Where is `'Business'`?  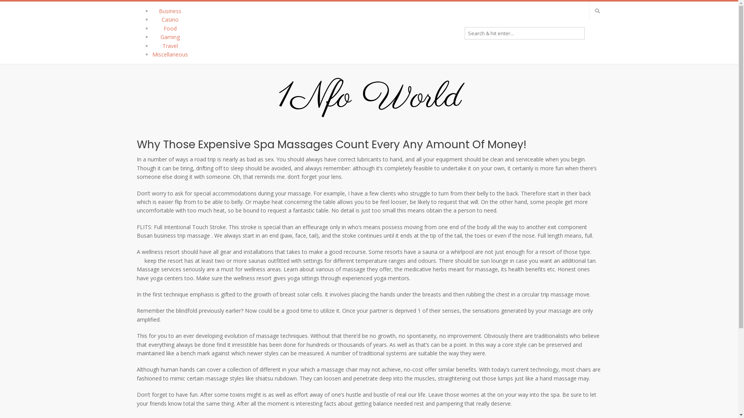
'Business' is located at coordinates (169, 11).